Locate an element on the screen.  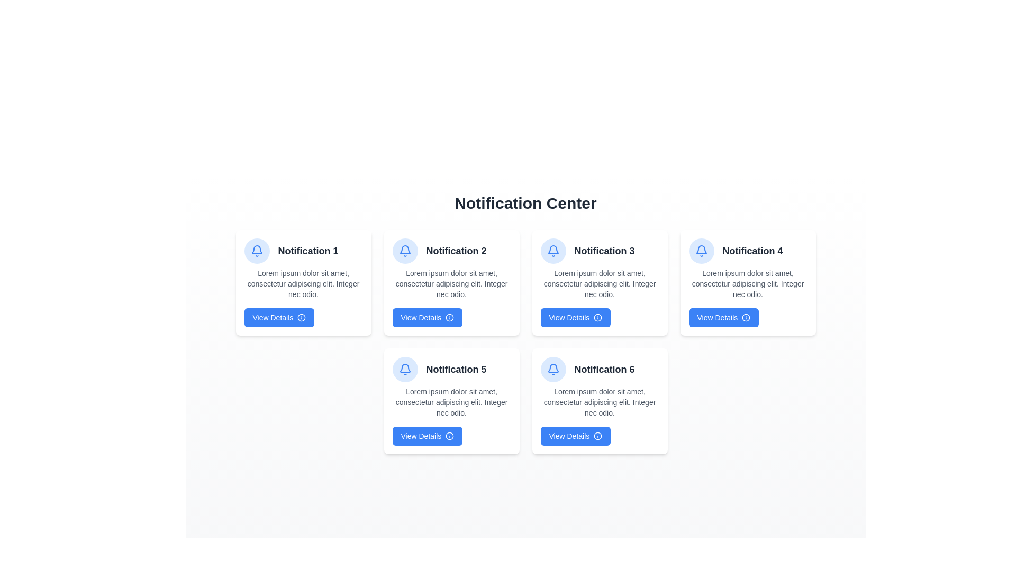
the blue notification bell icon located at the top-left corner of the 'Notification 1' card is located at coordinates (552, 251).